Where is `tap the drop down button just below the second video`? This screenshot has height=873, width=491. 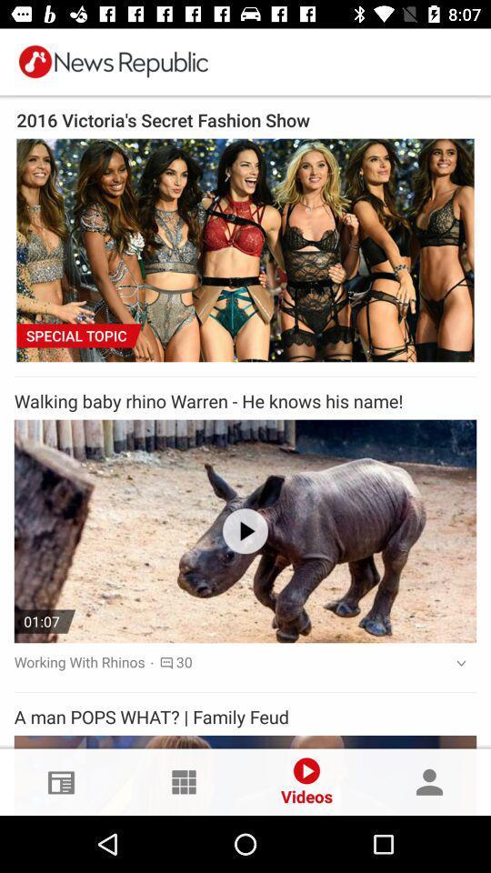
tap the drop down button just below the second video is located at coordinates (455, 663).